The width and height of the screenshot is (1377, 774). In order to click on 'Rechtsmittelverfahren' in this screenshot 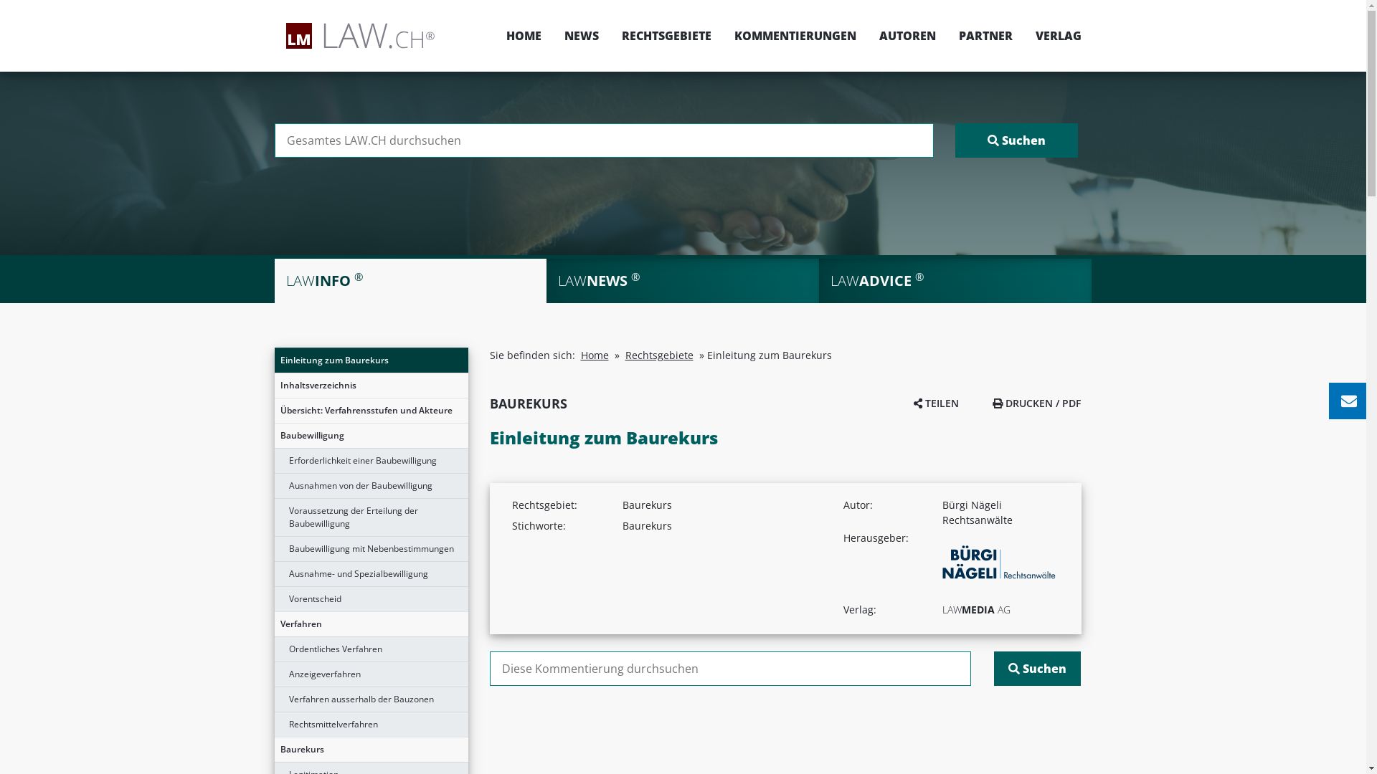, I will do `click(371, 724)`.